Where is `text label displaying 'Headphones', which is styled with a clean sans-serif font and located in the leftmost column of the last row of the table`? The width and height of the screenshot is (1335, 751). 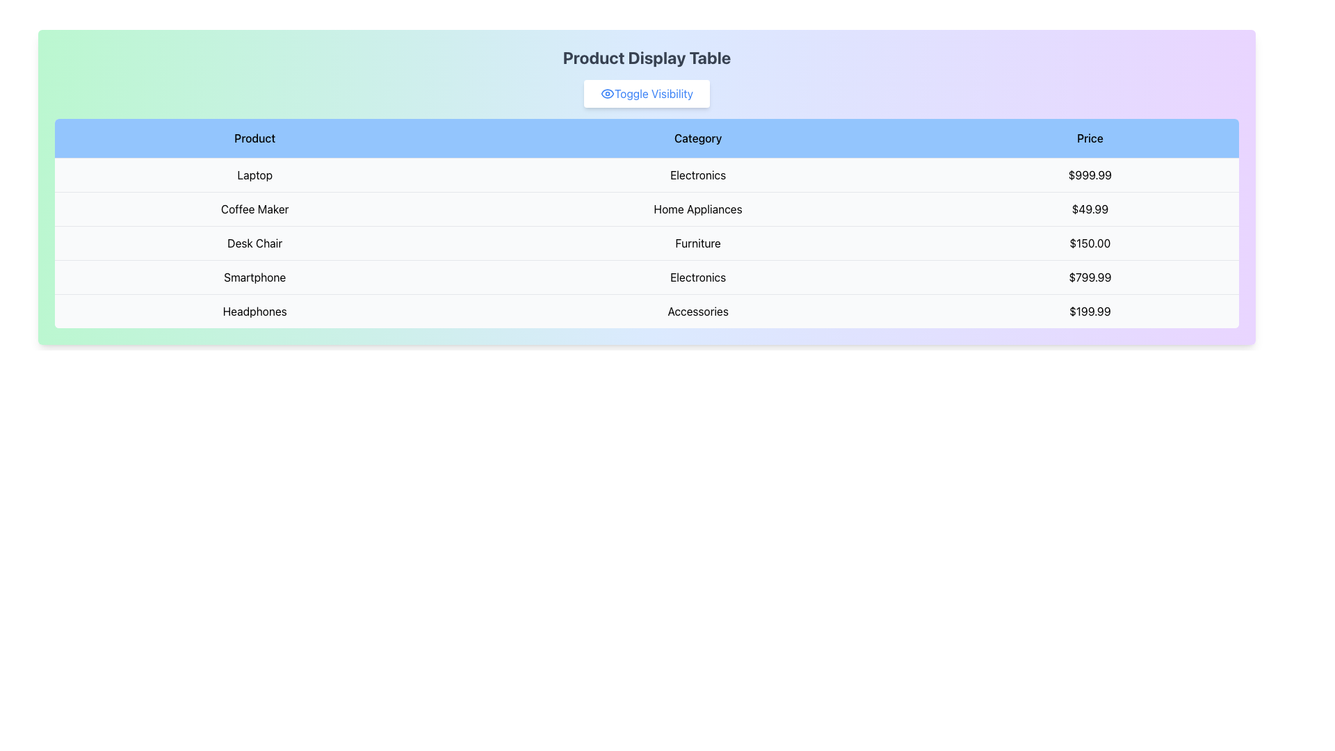
text label displaying 'Headphones', which is styled with a clean sans-serif font and located in the leftmost column of the last row of the table is located at coordinates (254, 310).